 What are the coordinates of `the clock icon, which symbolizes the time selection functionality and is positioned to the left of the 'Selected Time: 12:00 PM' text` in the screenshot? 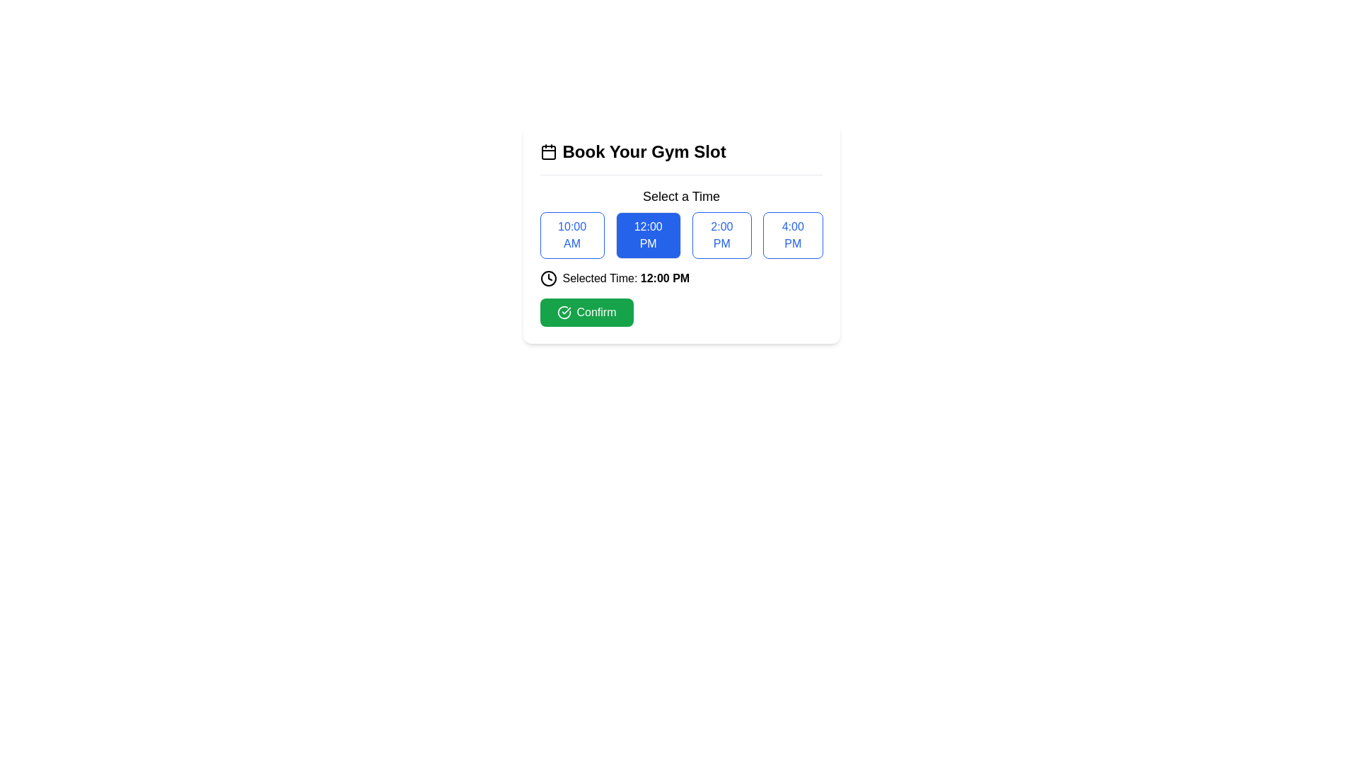 It's located at (547, 278).